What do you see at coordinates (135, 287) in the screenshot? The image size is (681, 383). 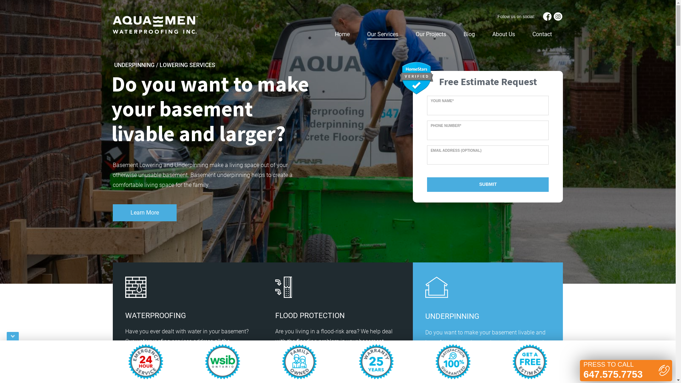 I see `'Aquamen-Icon-Wallleak-white'` at bounding box center [135, 287].